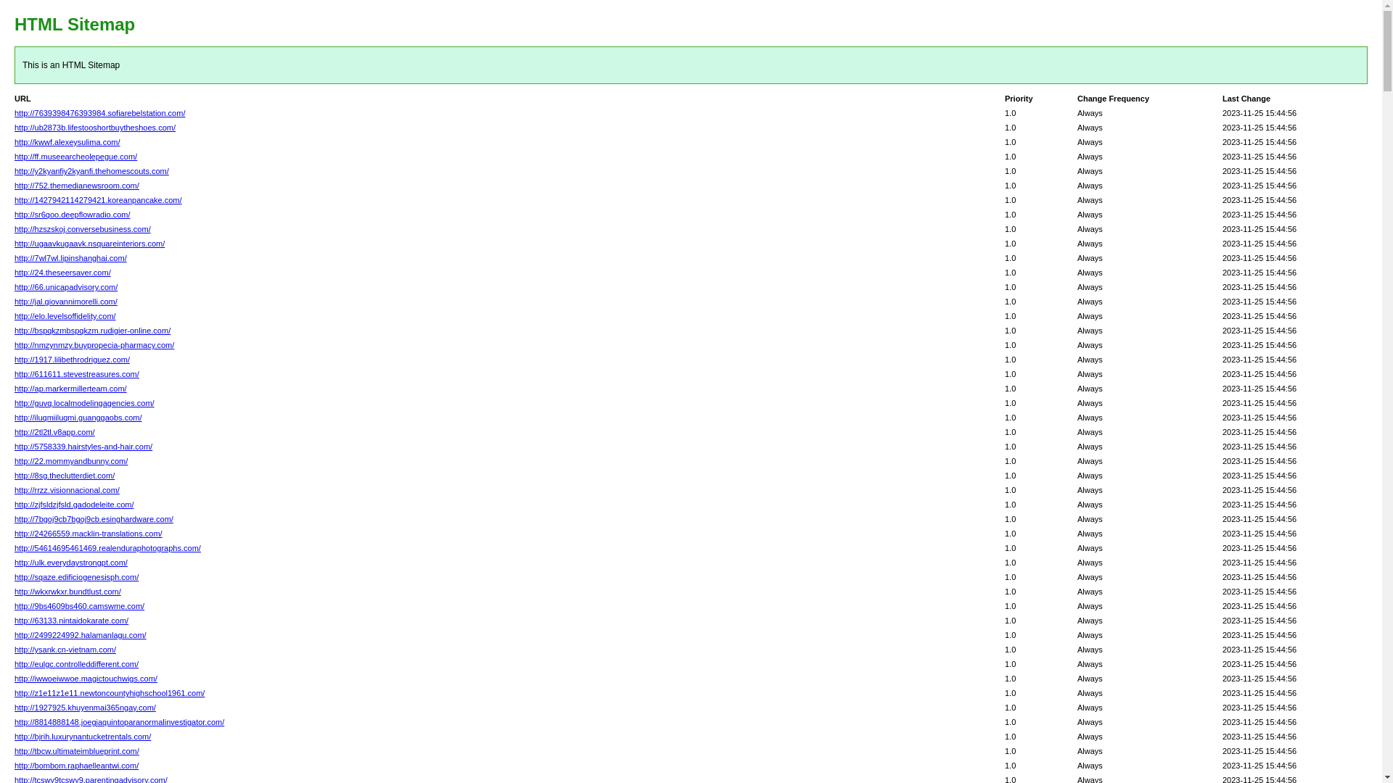 The height and width of the screenshot is (783, 1393). What do you see at coordinates (87, 534) in the screenshot?
I see `'http://24266559.macklin-translations.com/'` at bounding box center [87, 534].